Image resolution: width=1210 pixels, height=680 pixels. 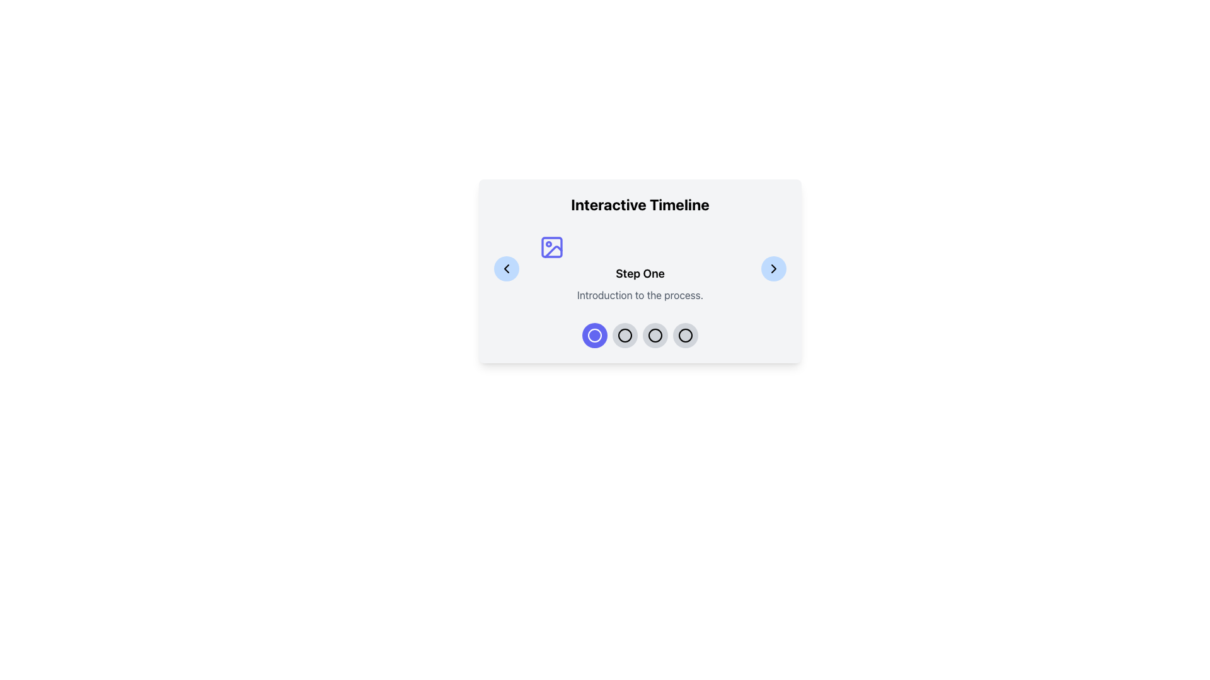 I want to click on the bold text header labeled 'Step One' which is centrally located below an icon and above descriptive text, so click(x=640, y=273).